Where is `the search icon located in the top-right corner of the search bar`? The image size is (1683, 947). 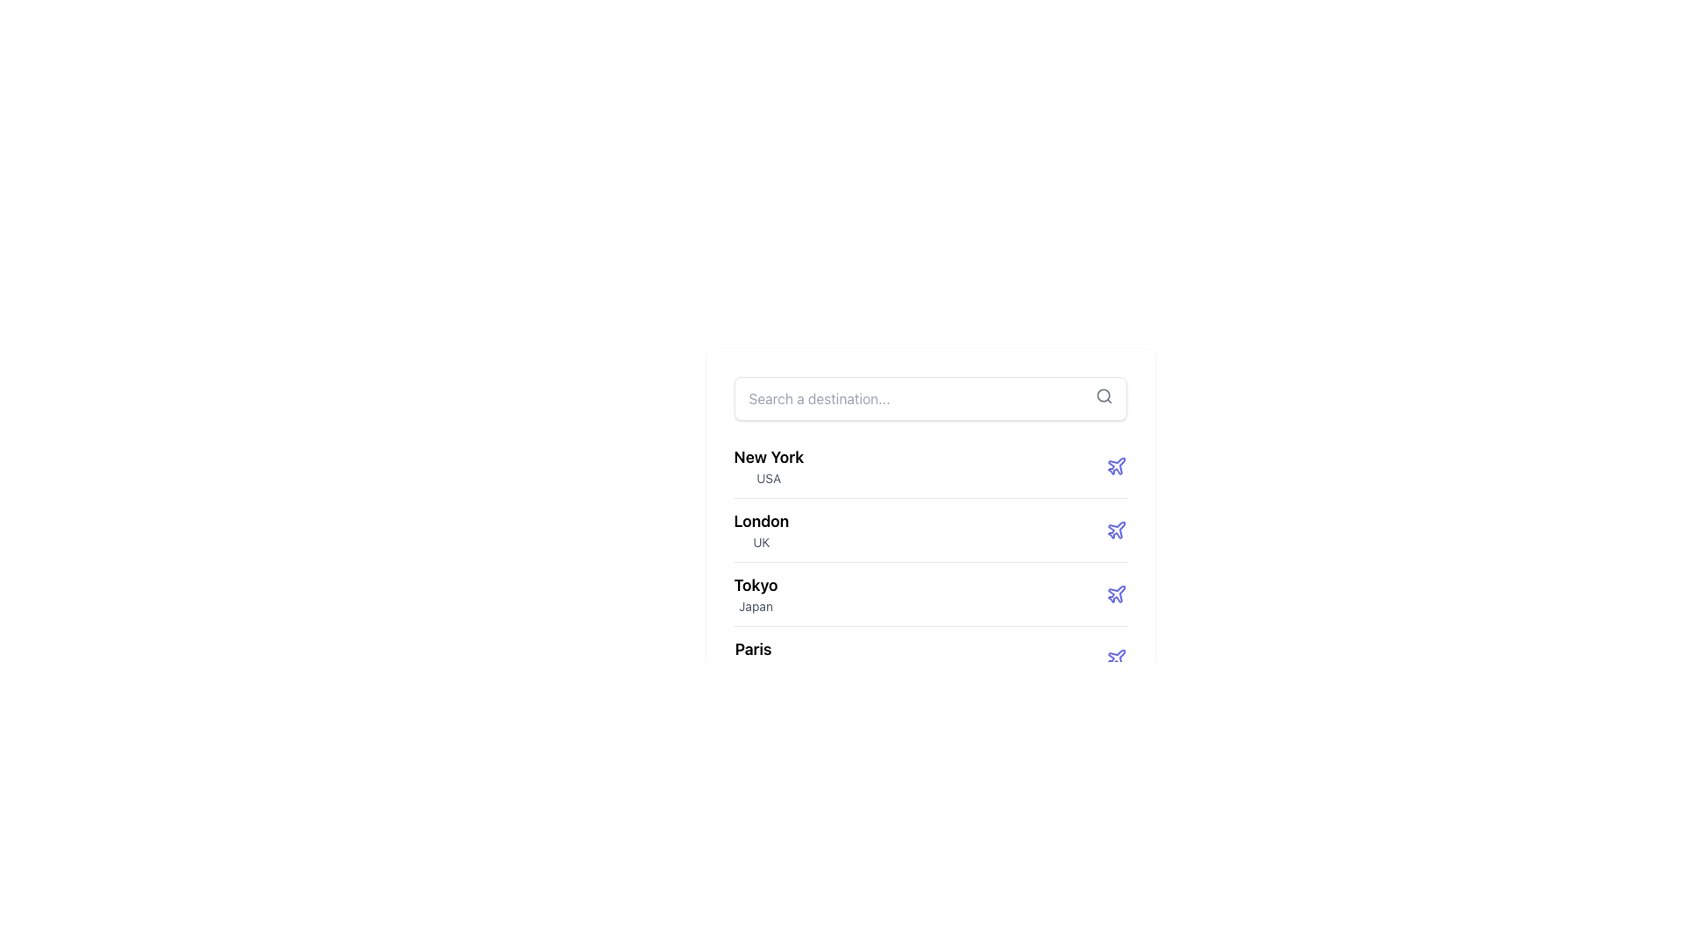
the search icon located in the top-right corner of the search bar is located at coordinates (1103, 395).